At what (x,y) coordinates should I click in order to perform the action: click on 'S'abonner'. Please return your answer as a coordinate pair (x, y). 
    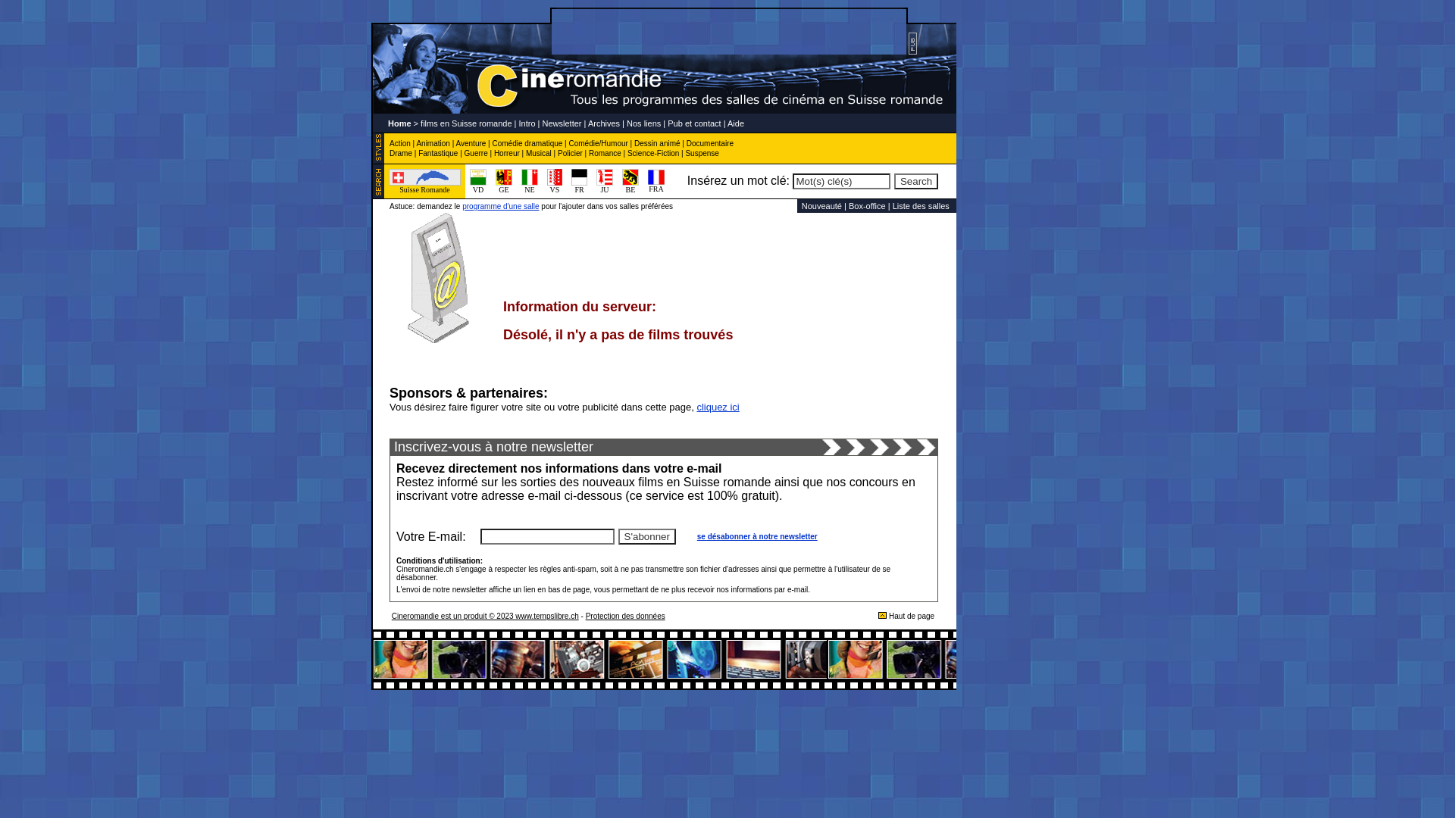
    Looking at the image, I should click on (647, 535).